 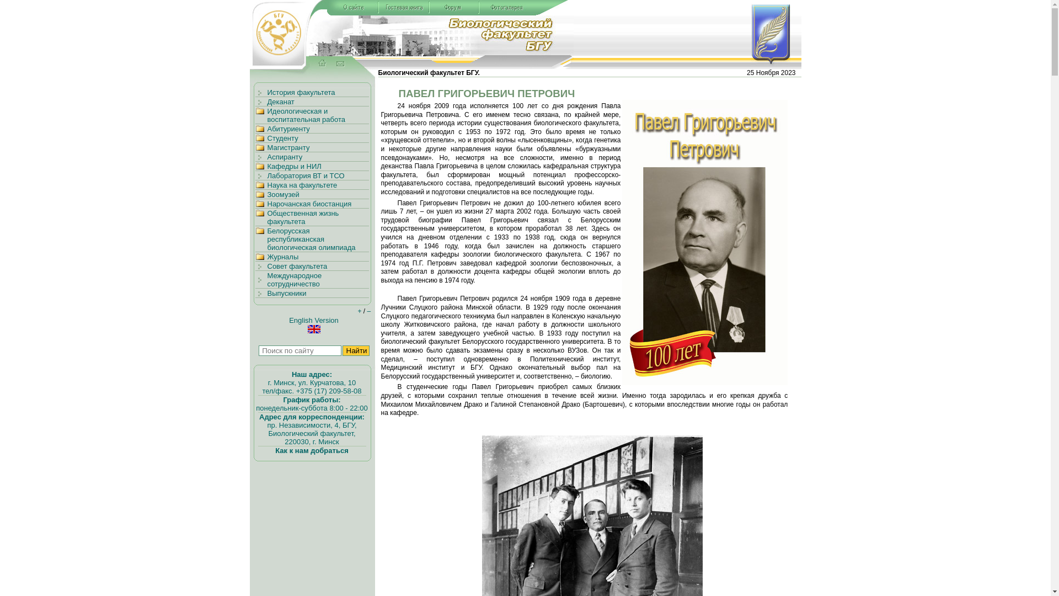 I want to click on '+', so click(x=359, y=311).